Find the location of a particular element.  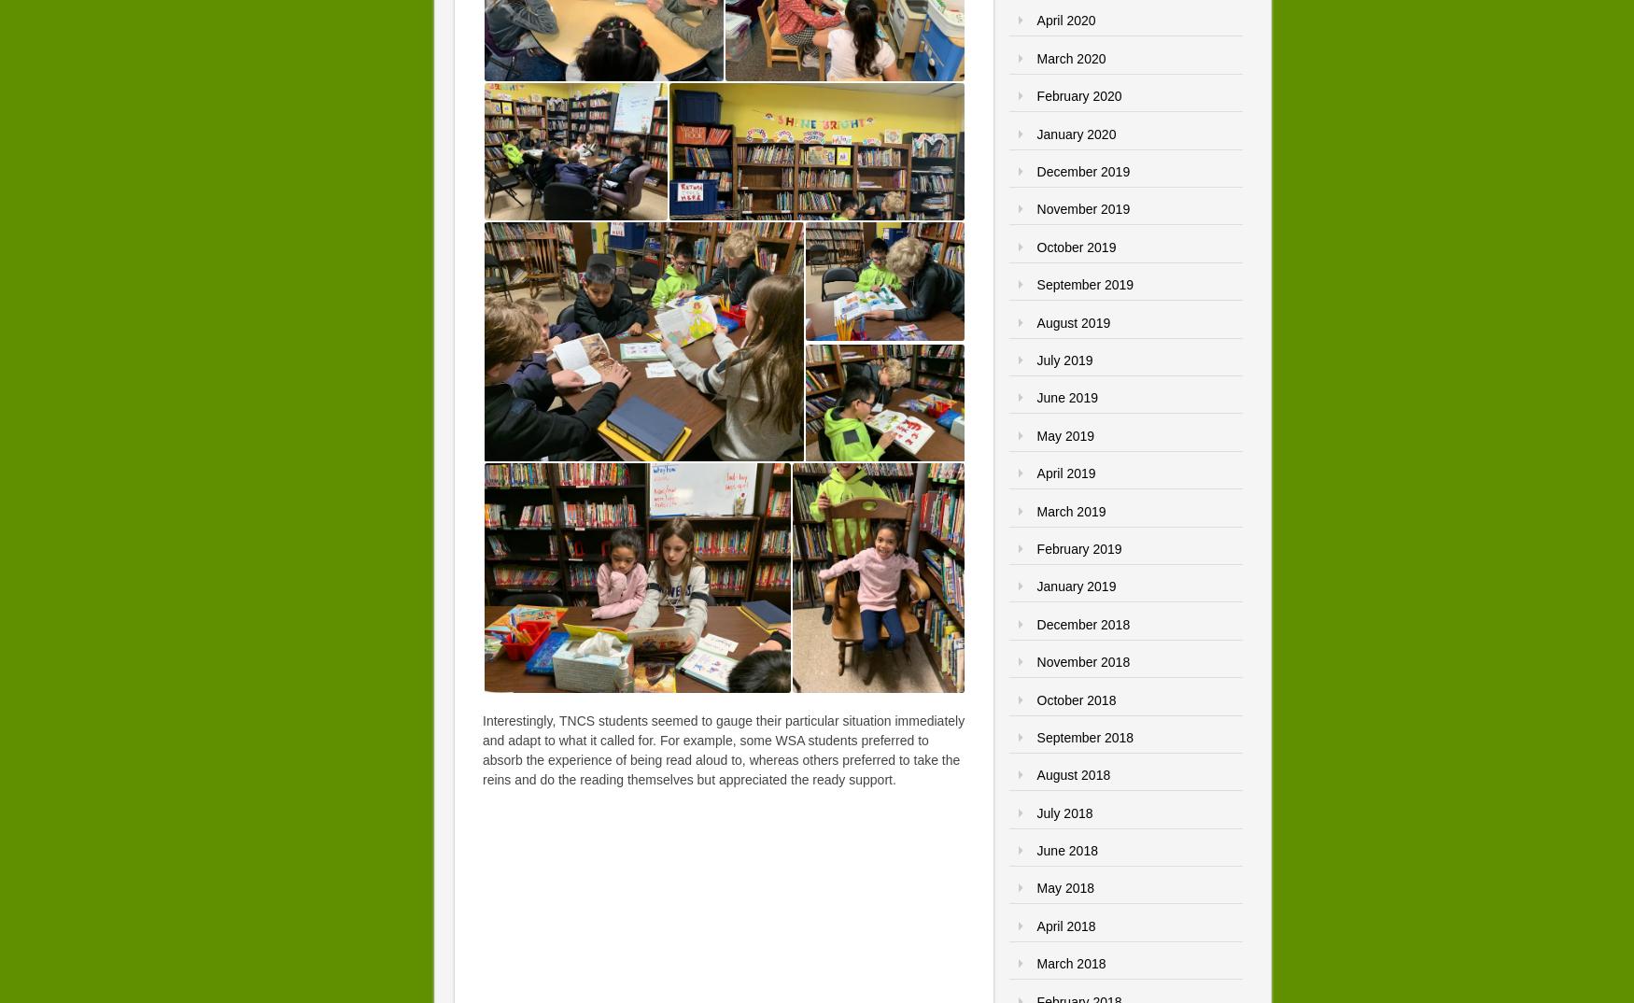

'August 2019' is located at coordinates (1072, 320).